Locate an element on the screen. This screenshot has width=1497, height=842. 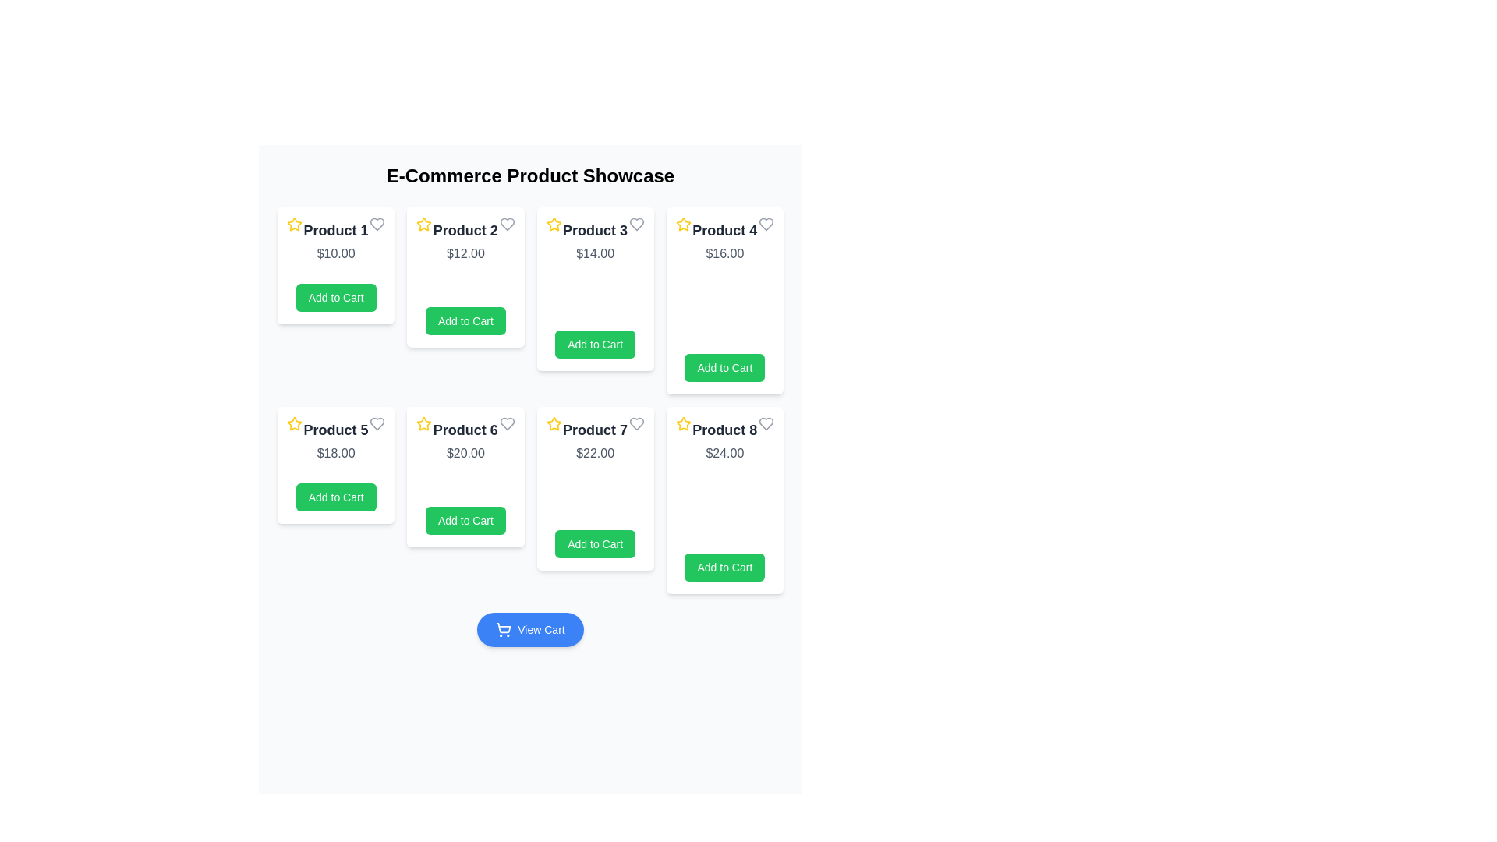
the price display showing '$14.00' in gray text, located in the third product card, below 'Product 3' and above the 'Add to Cart' button is located at coordinates (594, 253).